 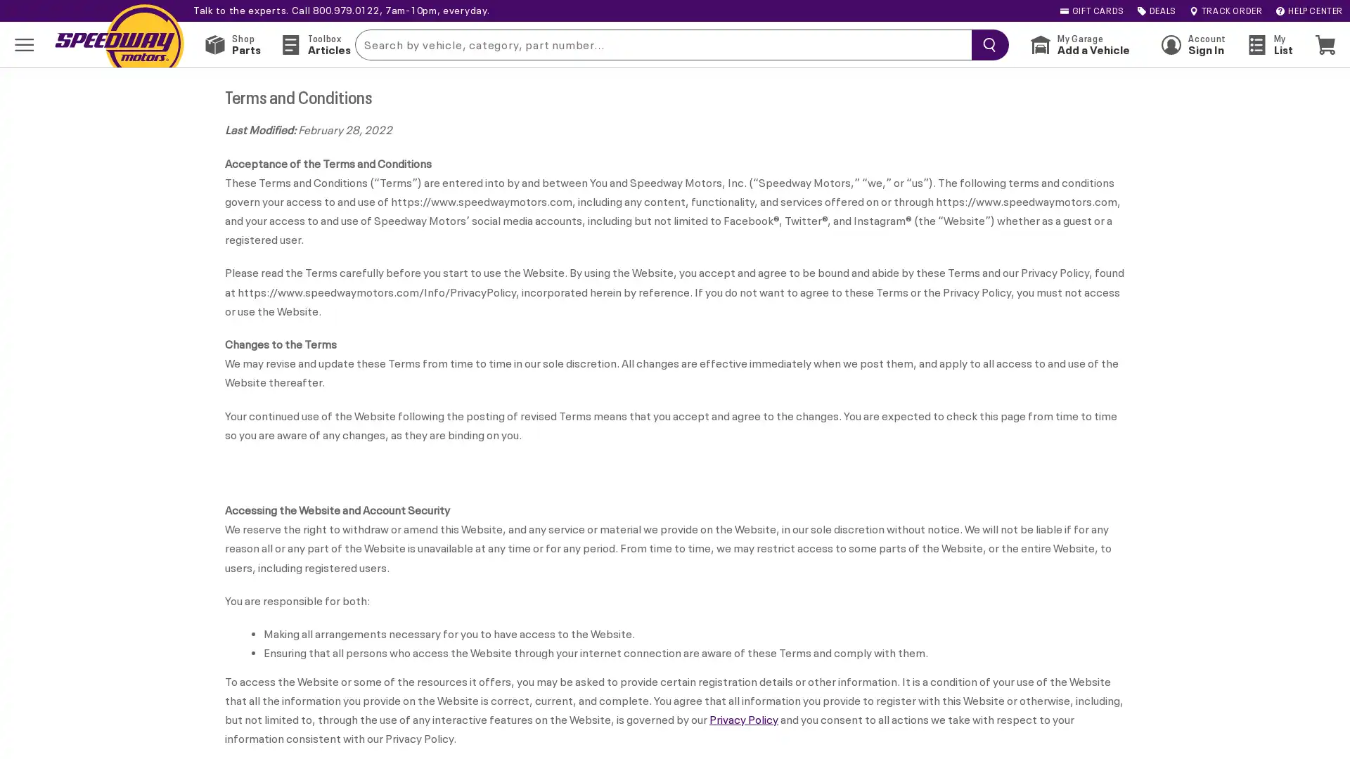 I want to click on searchButton, so click(x=986, y=43).